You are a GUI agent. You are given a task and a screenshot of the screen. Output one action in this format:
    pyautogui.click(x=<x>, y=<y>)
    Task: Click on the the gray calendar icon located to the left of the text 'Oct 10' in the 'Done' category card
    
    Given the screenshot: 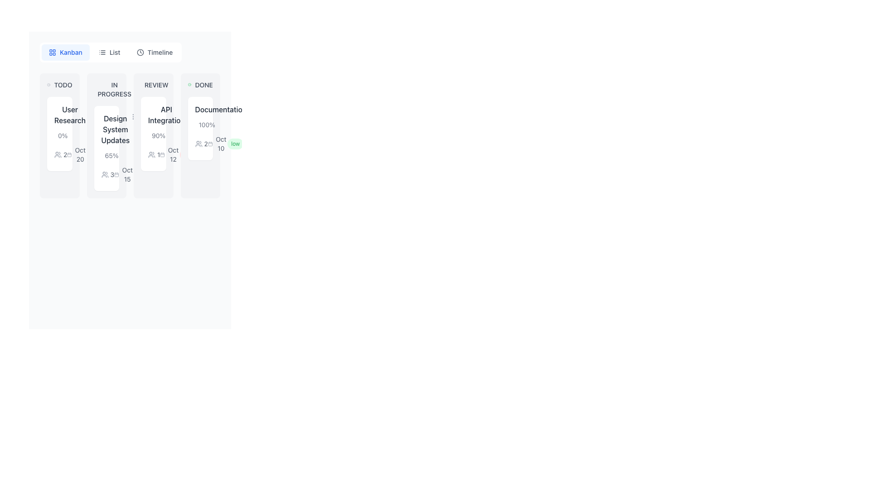 What is the action you would take?
    pyautogui.click(x=210, y=143)
    